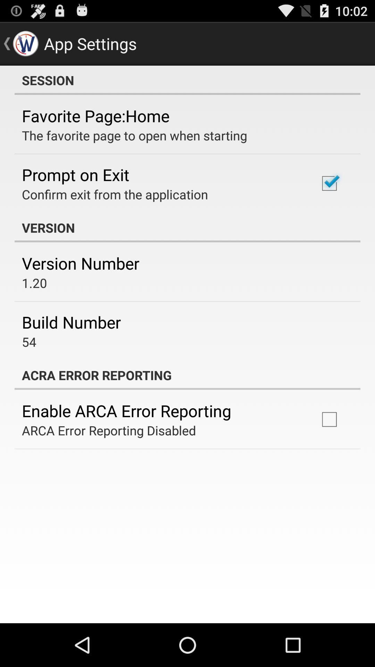 This screenshot has height=667, width=375. What do you see at coordinates (187, 80) in the screenshot?
I see `session icon` at bounding box center [187, 80].